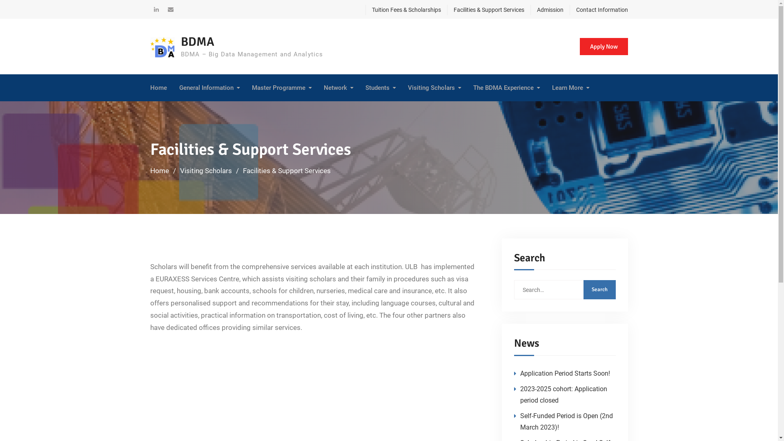 This screenshot has height=441, width=784. What do you see at coordinates (178, 88) in the screenshot?
I see `'General Information'` at bounding box center [178, 88].